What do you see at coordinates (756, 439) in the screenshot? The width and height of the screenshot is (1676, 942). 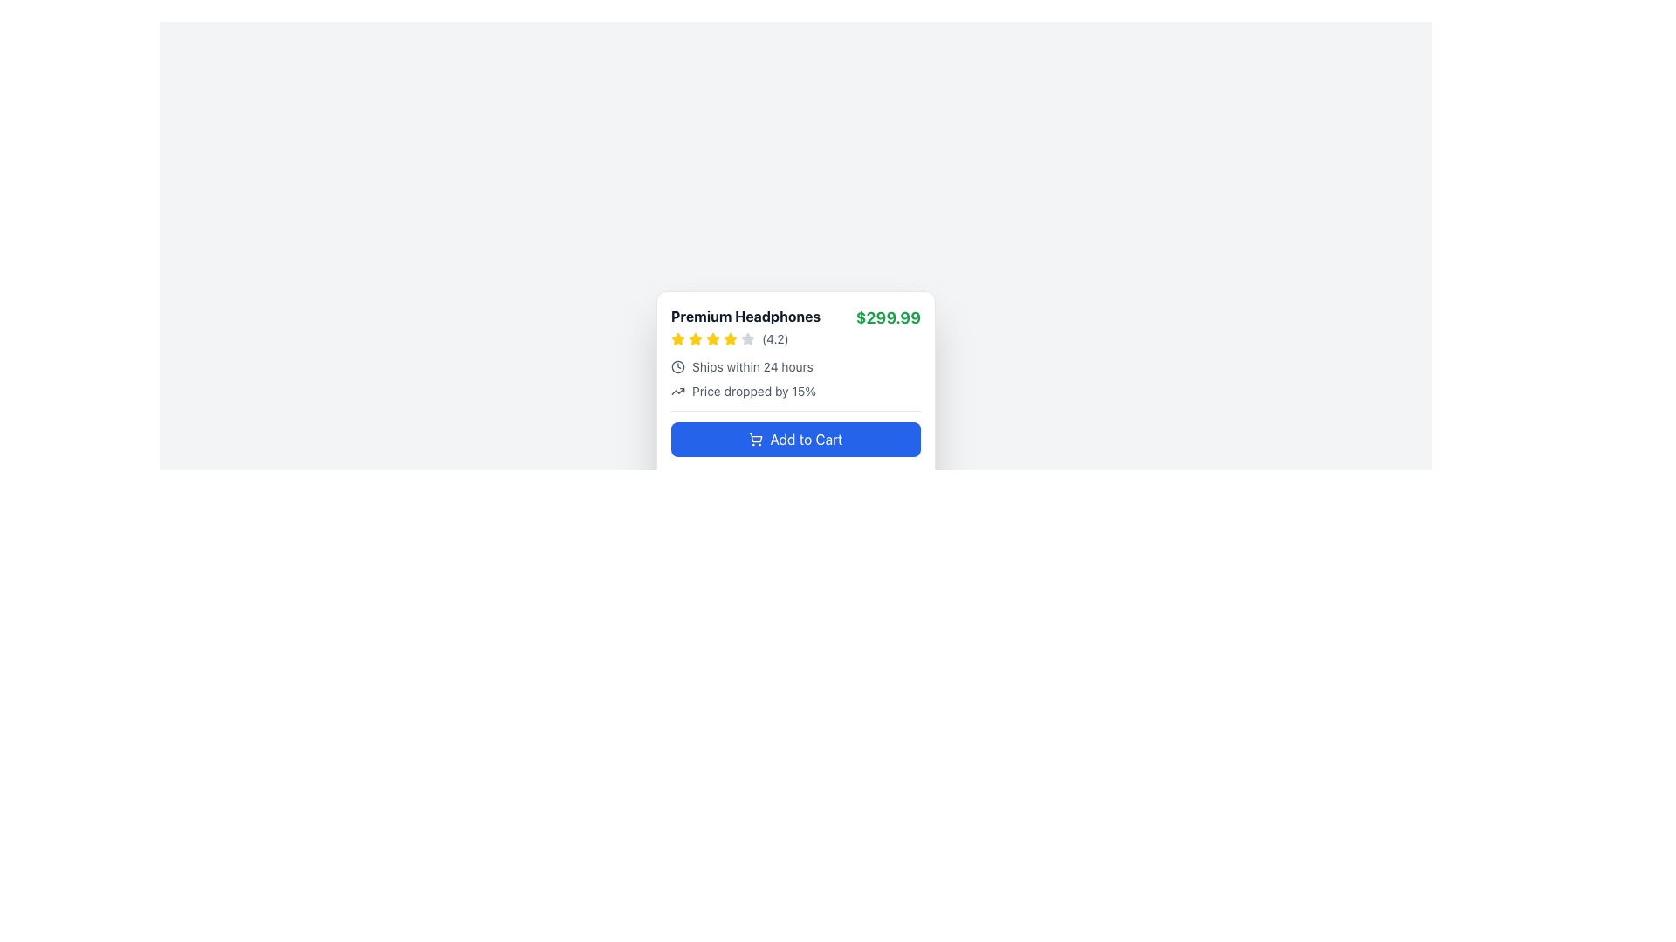 I see `the shopping cart icon with a white outline on a blue background` at bounding box center [756, 439].